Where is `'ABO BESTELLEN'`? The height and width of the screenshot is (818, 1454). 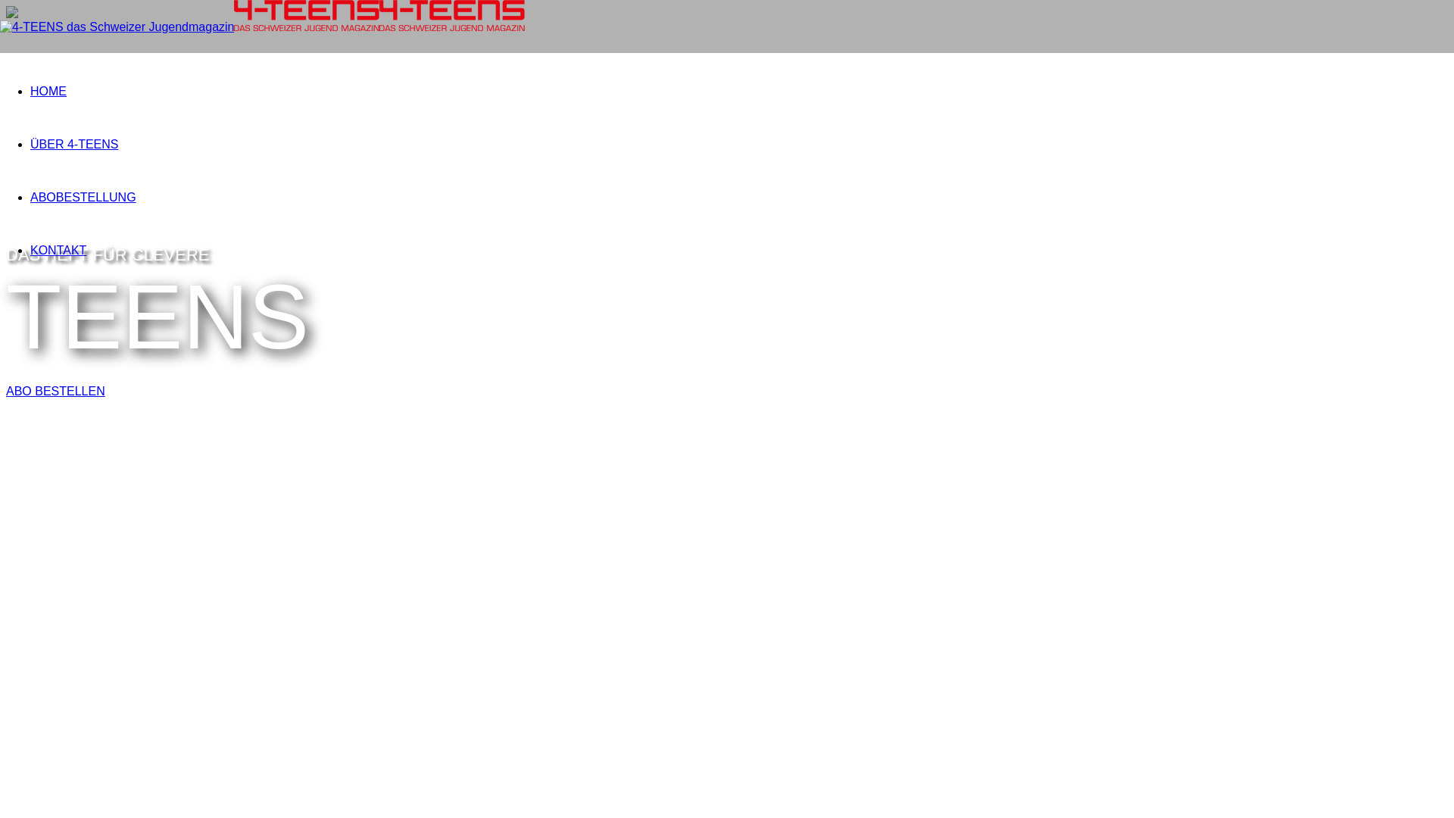
'ABO BESTELLEN' is located at coordinates (55, 390).